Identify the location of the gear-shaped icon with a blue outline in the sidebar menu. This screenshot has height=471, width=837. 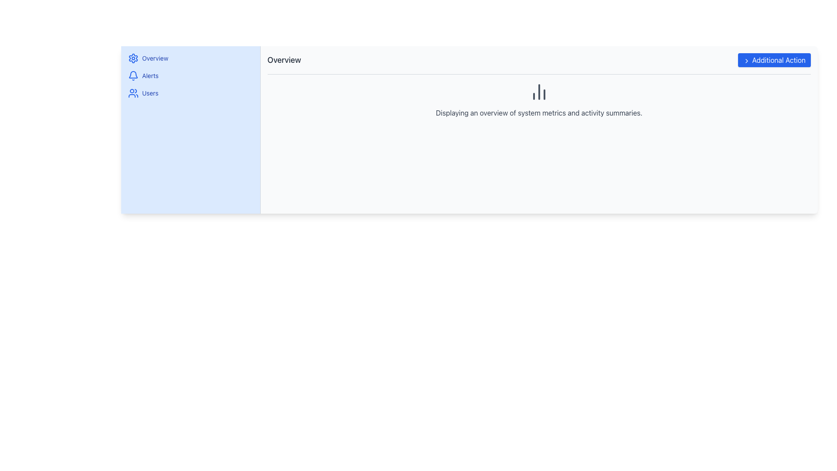
(133, 58).